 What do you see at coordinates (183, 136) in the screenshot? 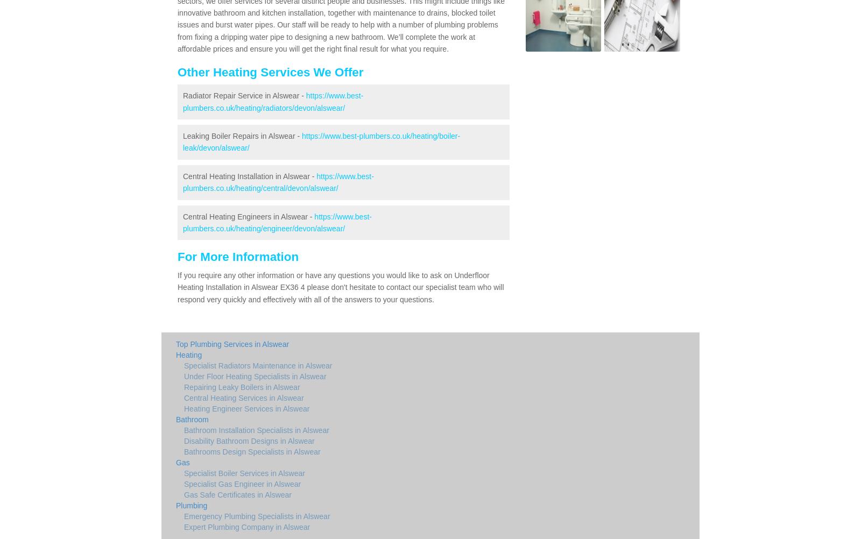
I see `'Leaking Boiler Repairs in Alswear -'` at bounding box center [183, 136].